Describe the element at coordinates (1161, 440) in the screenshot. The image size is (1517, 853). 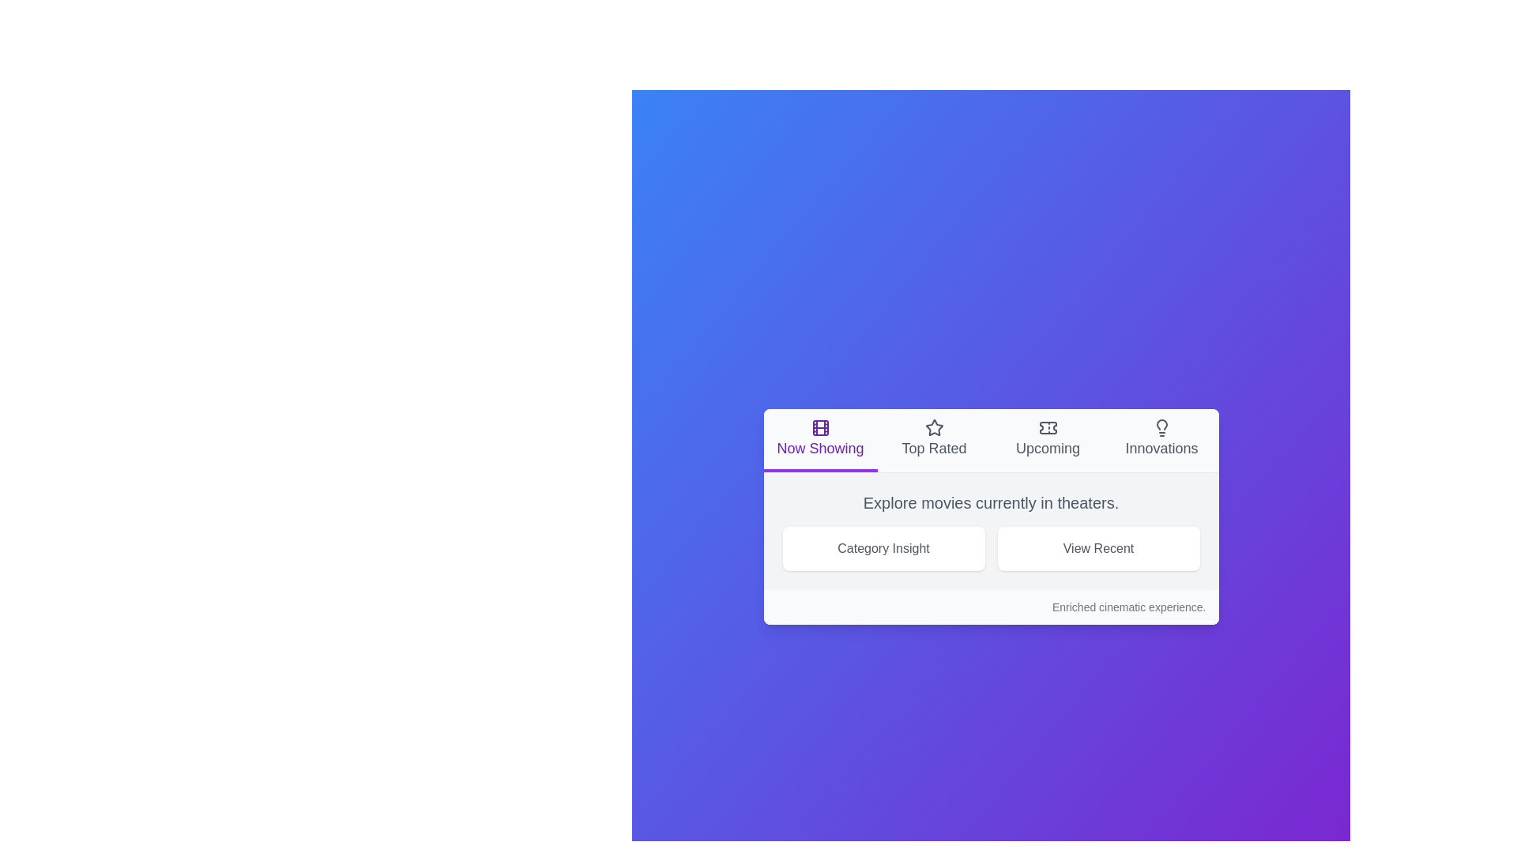
I see `the fourth navigation button labeled 'Innovations' in the top navigation bar` at that location.